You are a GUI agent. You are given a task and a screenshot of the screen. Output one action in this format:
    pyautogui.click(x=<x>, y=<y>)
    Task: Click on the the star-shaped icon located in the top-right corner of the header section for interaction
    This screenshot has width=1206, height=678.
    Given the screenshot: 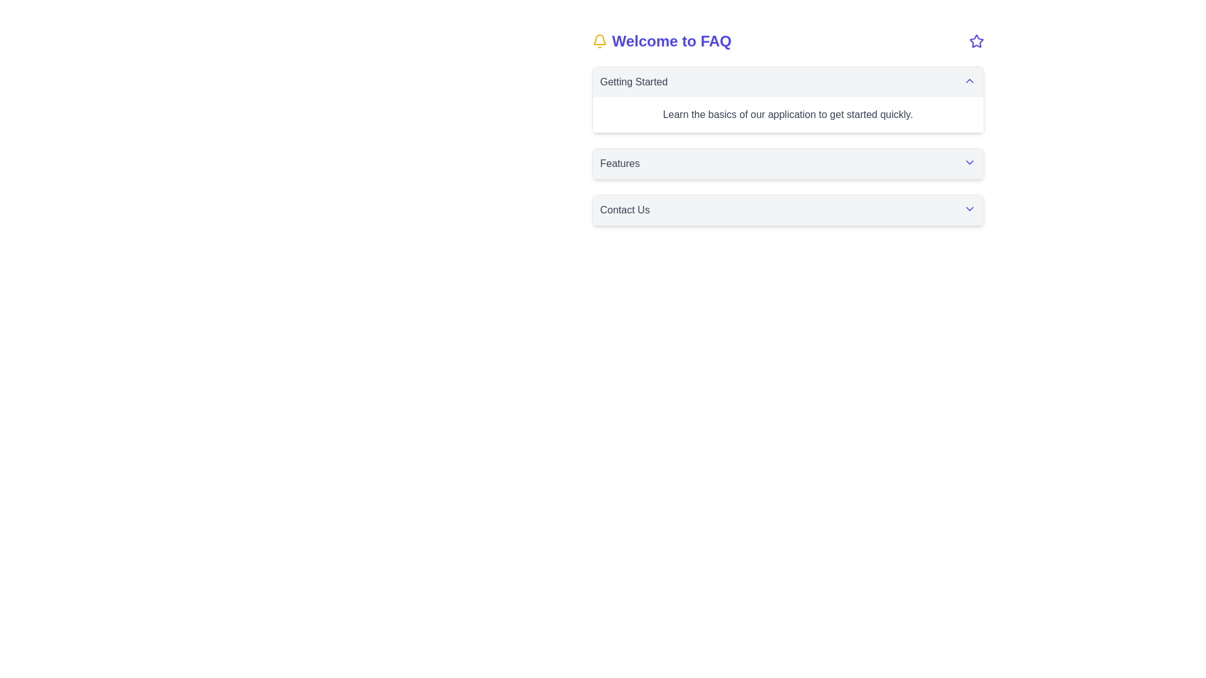 What is the action you would take?
    pyautogui.click(x=975, y=40)
    